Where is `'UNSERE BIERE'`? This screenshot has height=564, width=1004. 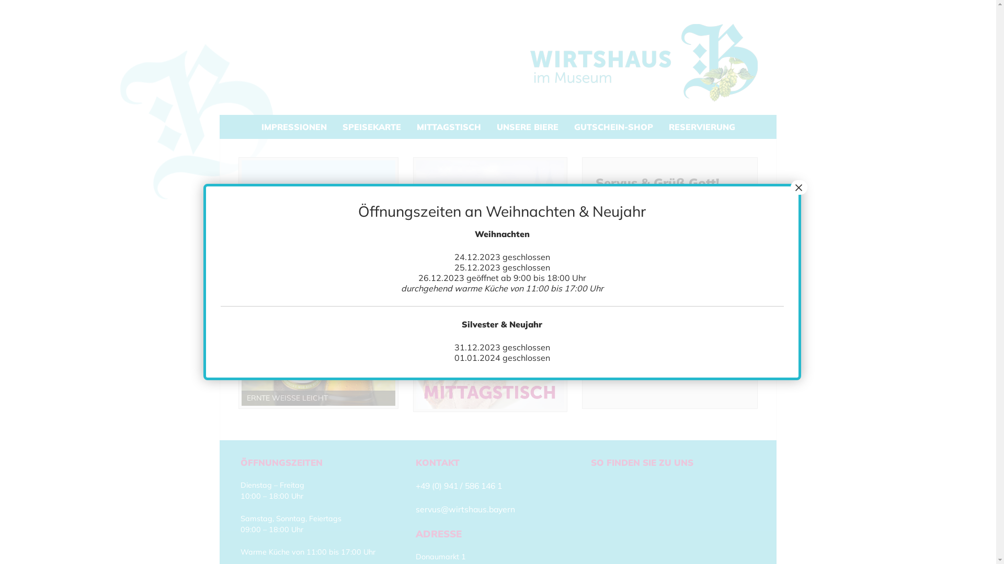 'UNSERE BIERE' is located at coordinates (527, 126).